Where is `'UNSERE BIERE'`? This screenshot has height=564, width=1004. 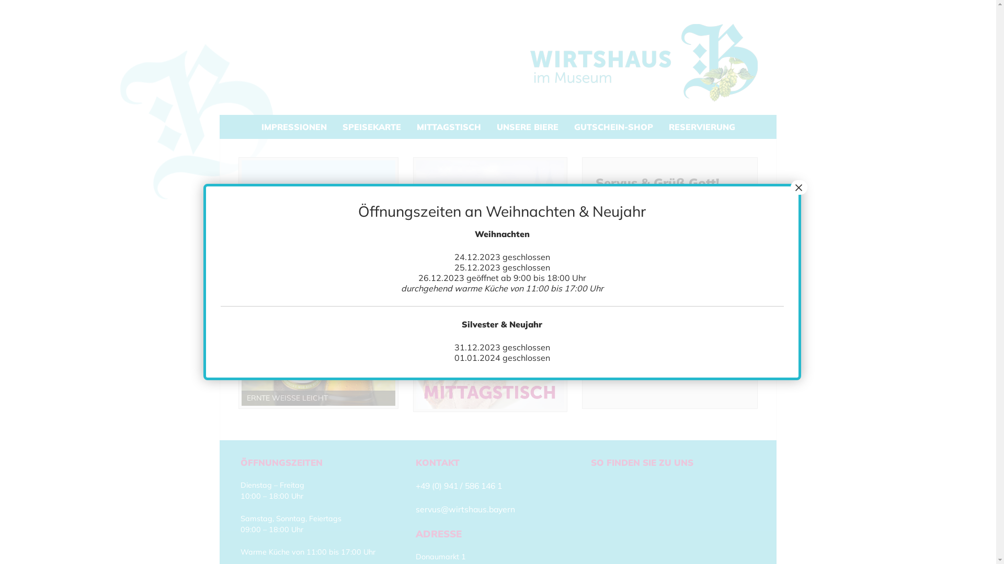 'UNSERE BIERE' is located at coordinates (527, 126).